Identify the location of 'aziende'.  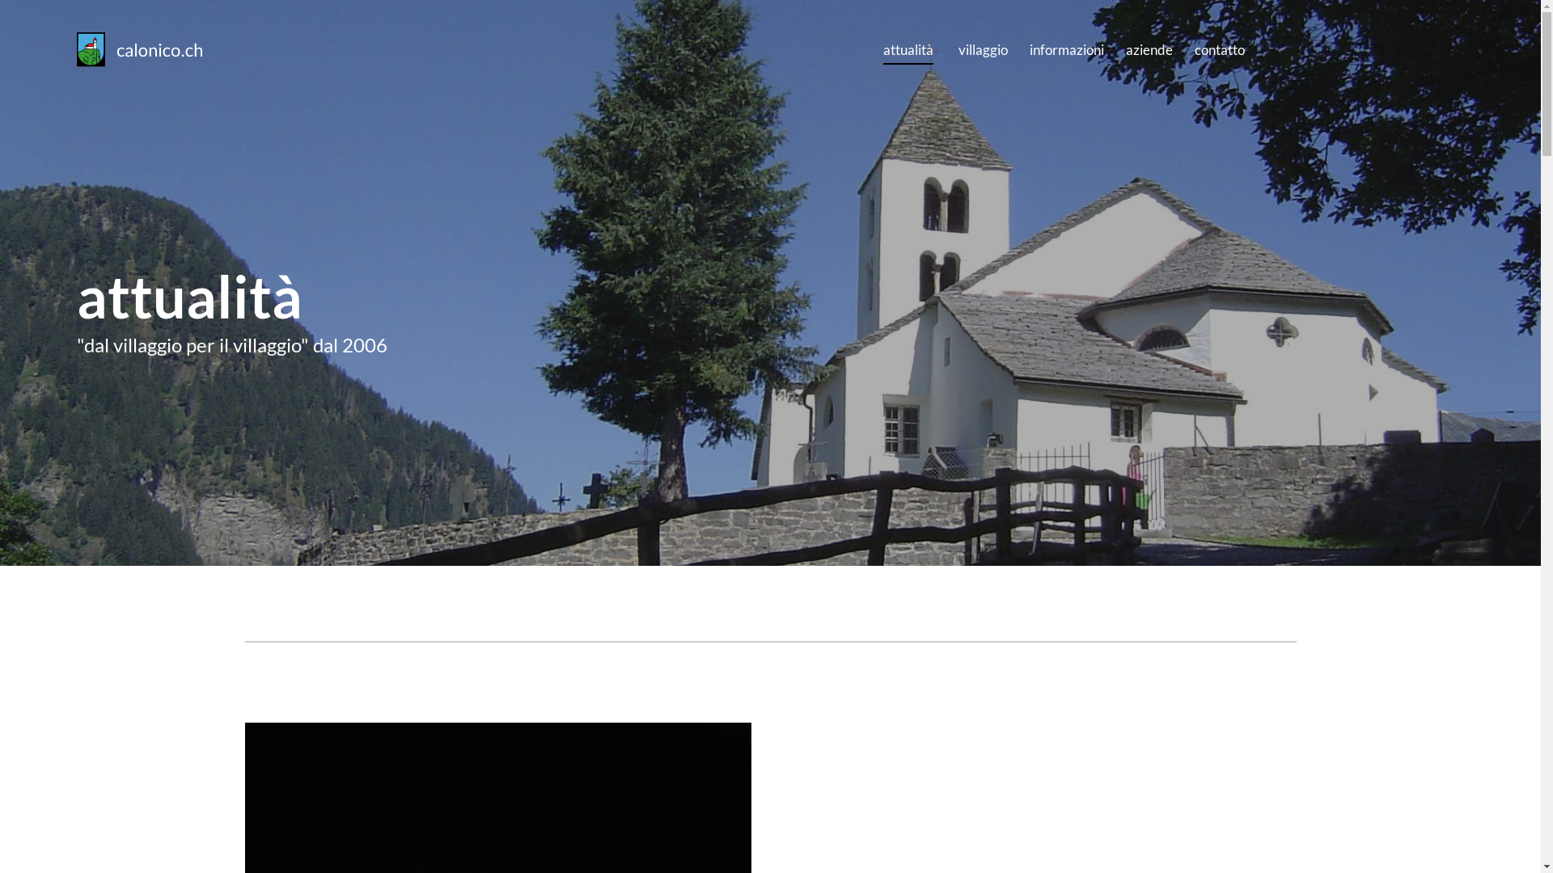
(1148, 48).